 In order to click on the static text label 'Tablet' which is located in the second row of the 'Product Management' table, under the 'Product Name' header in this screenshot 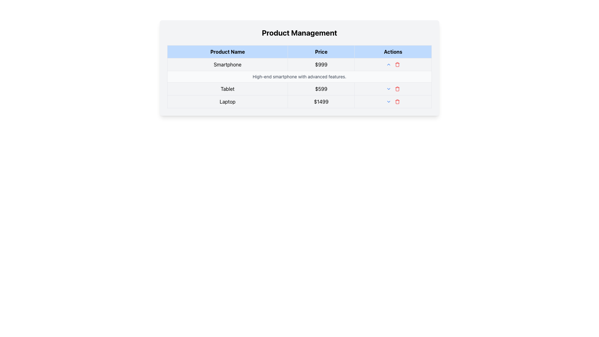, I will do `click(227, 89)`.